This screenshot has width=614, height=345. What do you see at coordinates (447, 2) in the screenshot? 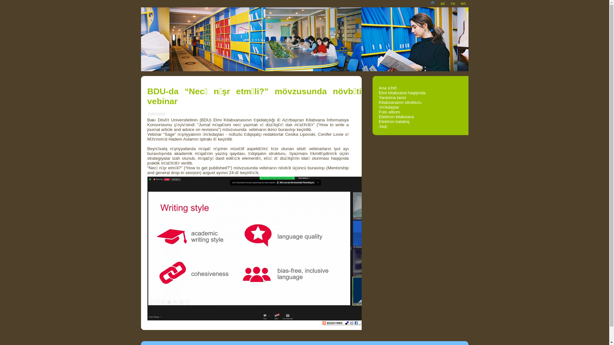
I see `'ru'` at bounding box center [447, 2].